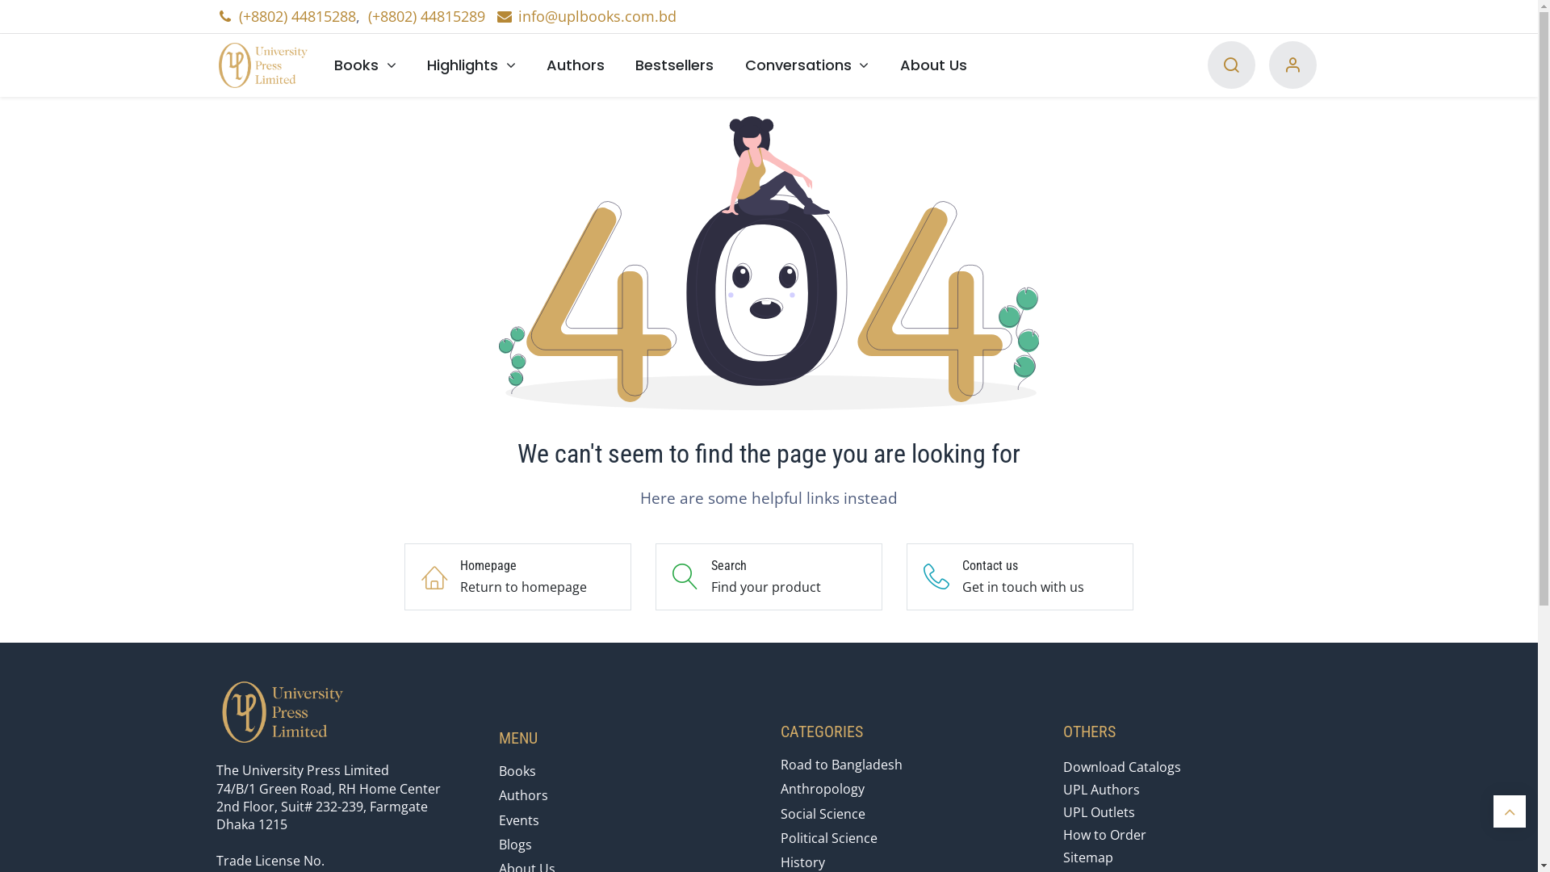 This screenshot has height=872, width=1550. Describe the element at coordinates (823, 813) in the screenshot. I see `'Social Science'` at that location.